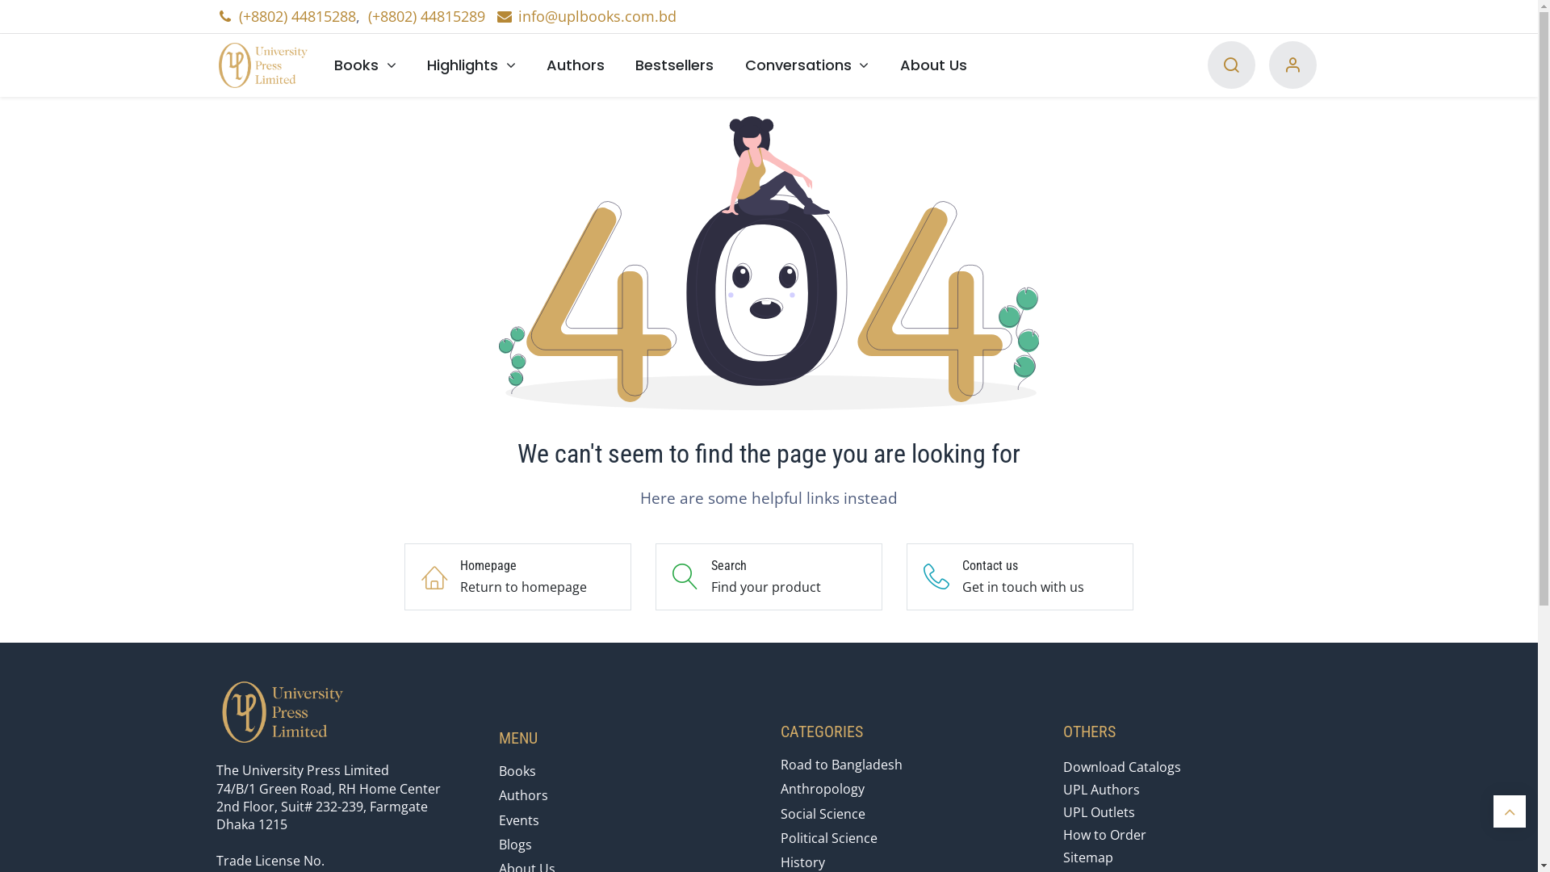 This screenshot has height=872, width=1550. Describe the element at coordinates (823, 813) in the screenshot. I see `'Social Science'` at that location.